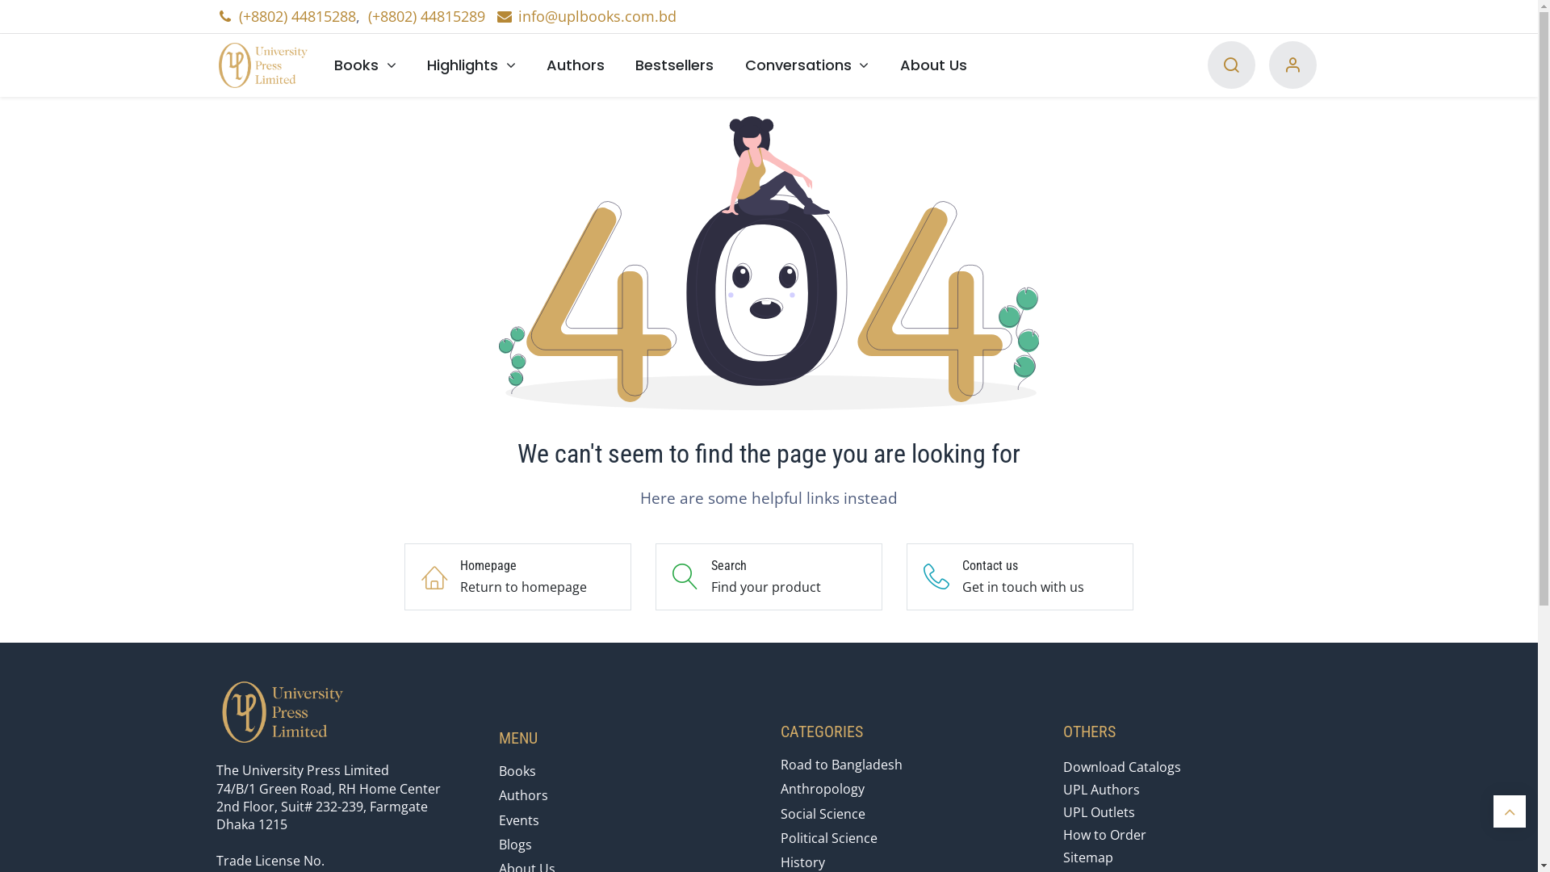 This screenshot has height=872, width=1550. Describe the element at coordinates (823, 813) in the screenshot. I see `'Social Science'` at that location.